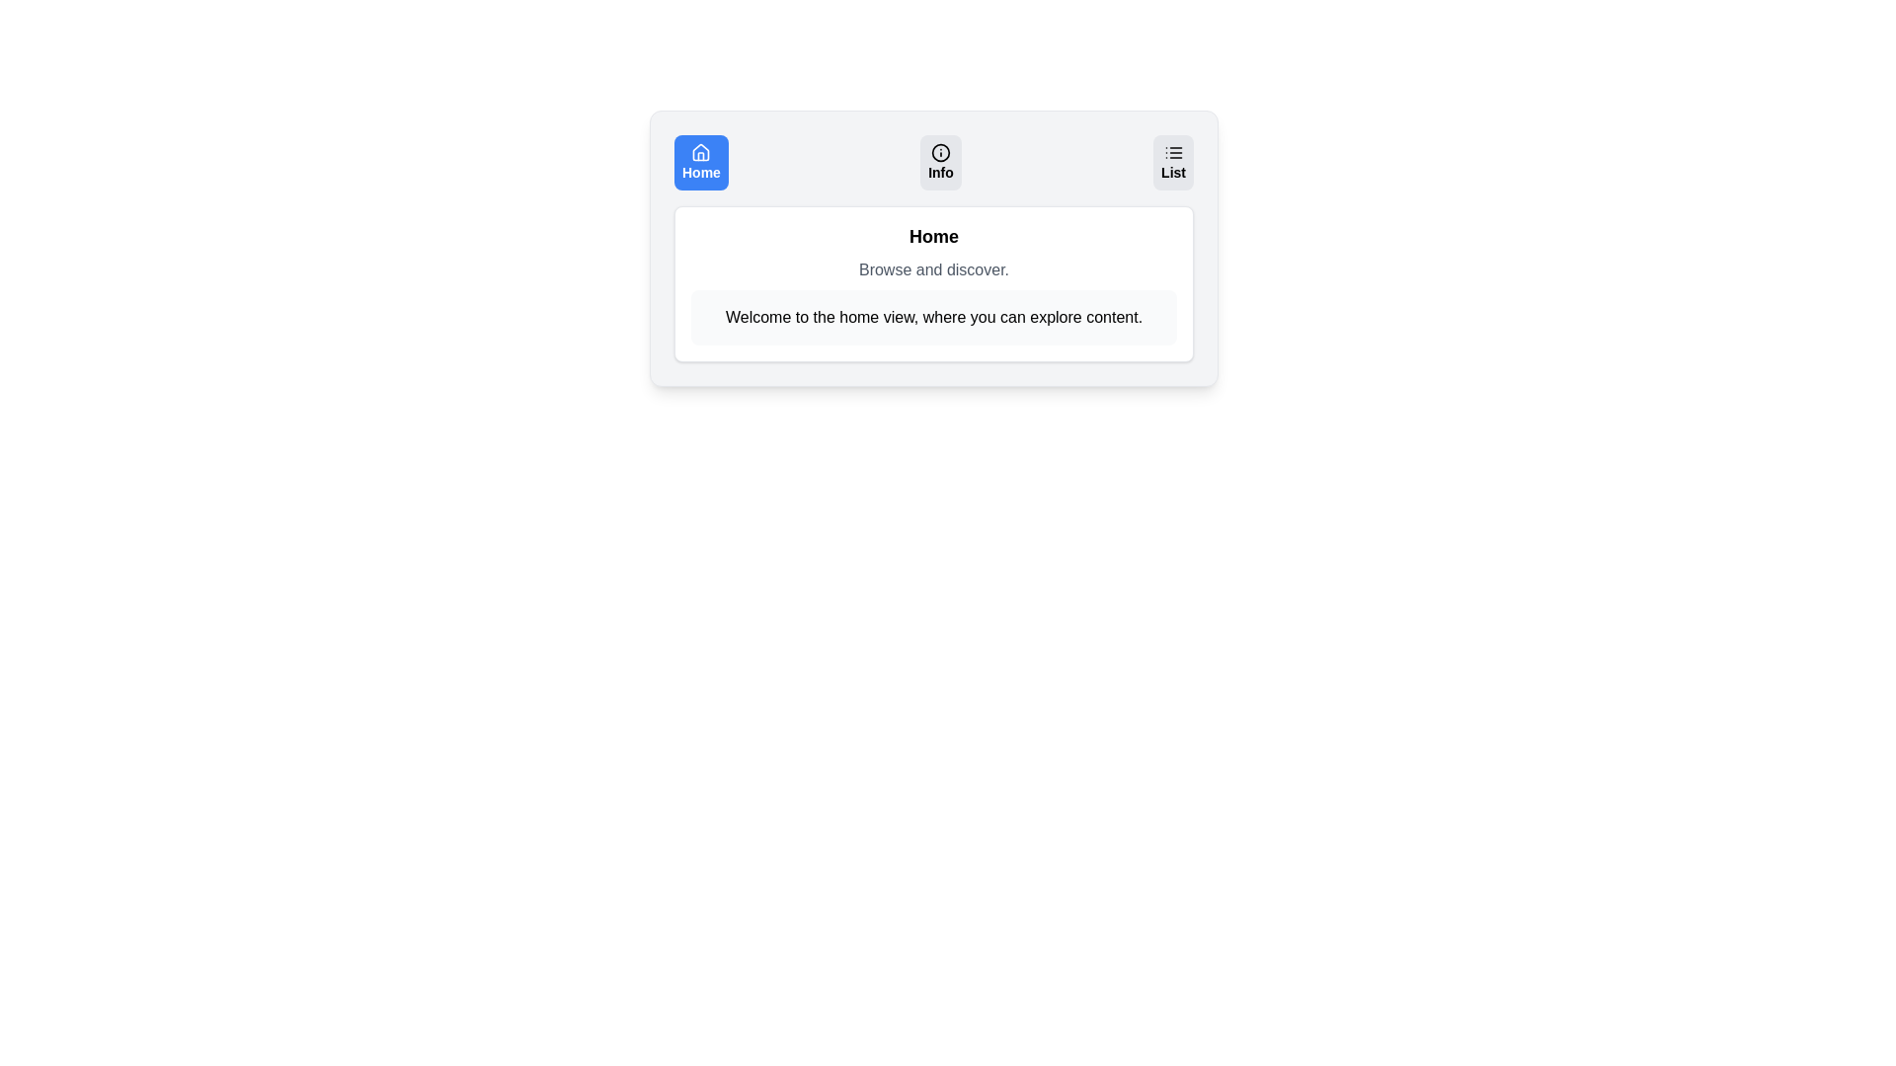  What do you see at coordinates (940, 162) in the screenshot?
I see `the Info tab` at bounding box center [940, 162].